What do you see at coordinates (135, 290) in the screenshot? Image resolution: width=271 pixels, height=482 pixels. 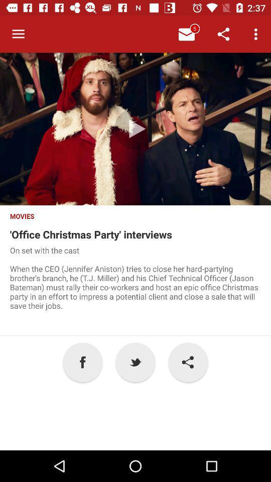 I see `on set with icon` at bounding box center [135, 290].